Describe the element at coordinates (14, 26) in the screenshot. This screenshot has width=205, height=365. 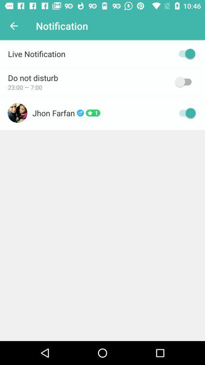
I see `the icon above live notification` at that location.